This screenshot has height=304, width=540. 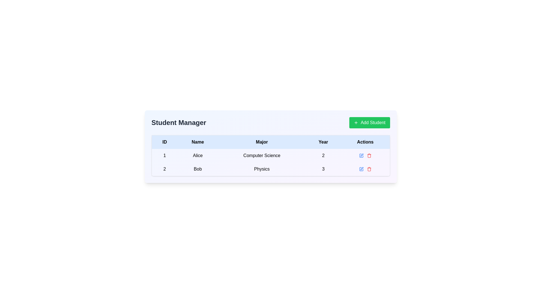 What do you see at coordinates (323, 142) in the screenshot?
I see `the 'Year' column header in the table, which is the fourth header positioned between 'Major' and 'Actions'` at bounding box center [323, 142].